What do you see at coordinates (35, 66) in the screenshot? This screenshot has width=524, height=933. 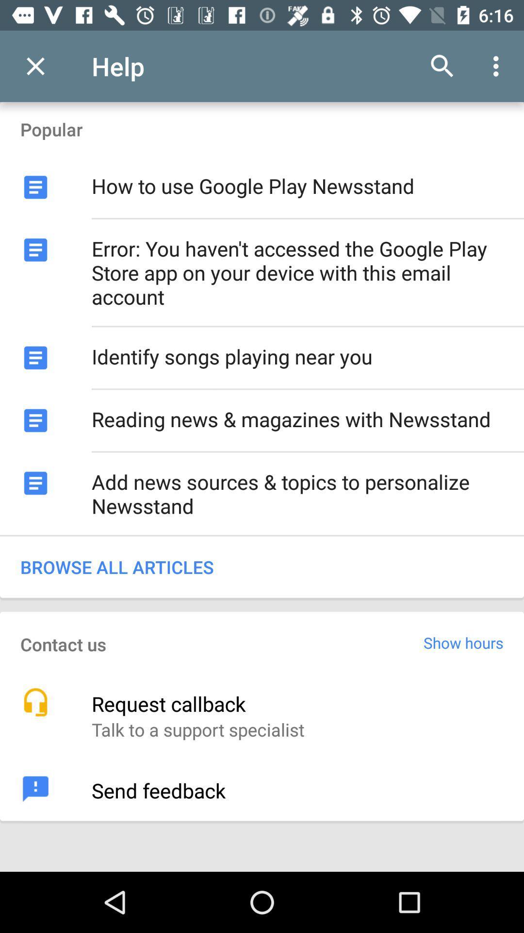 I see `item above the popular item` at bounding box center [35, 66].